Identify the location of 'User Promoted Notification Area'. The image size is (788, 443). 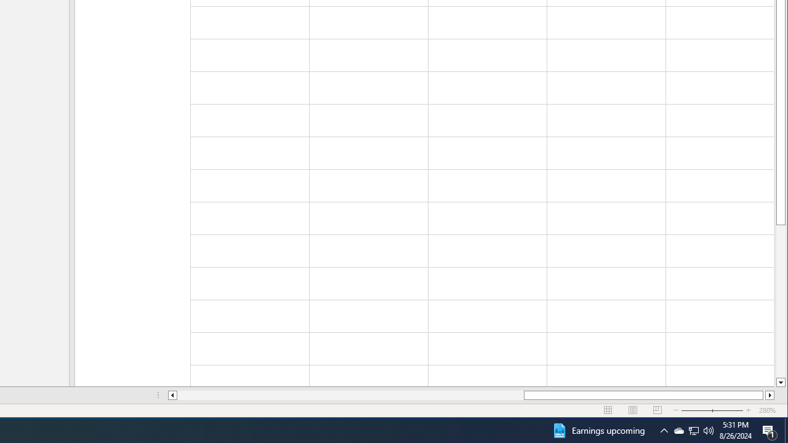
(694, 429).